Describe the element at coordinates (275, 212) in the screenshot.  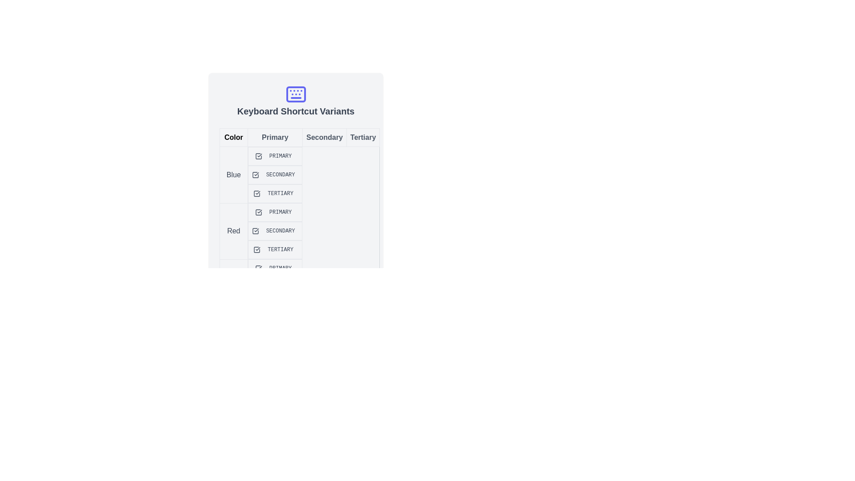
I see `the 'Primary' label indicating the 'Red' category in the table, located at the intersection of the 'Primary' column and the 'Red' row, which is visually non-interactive` at that location.